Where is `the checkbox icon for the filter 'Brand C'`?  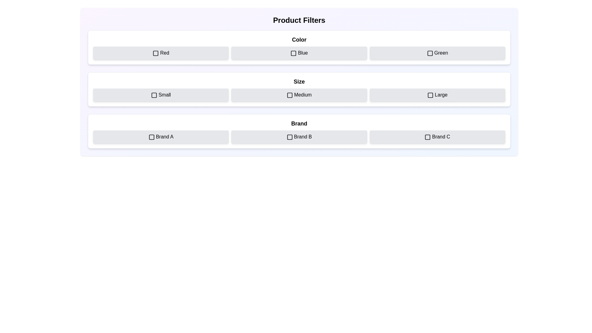 the checkbox icon for the filter 'Brand C' is located at coordinates (427, 137).